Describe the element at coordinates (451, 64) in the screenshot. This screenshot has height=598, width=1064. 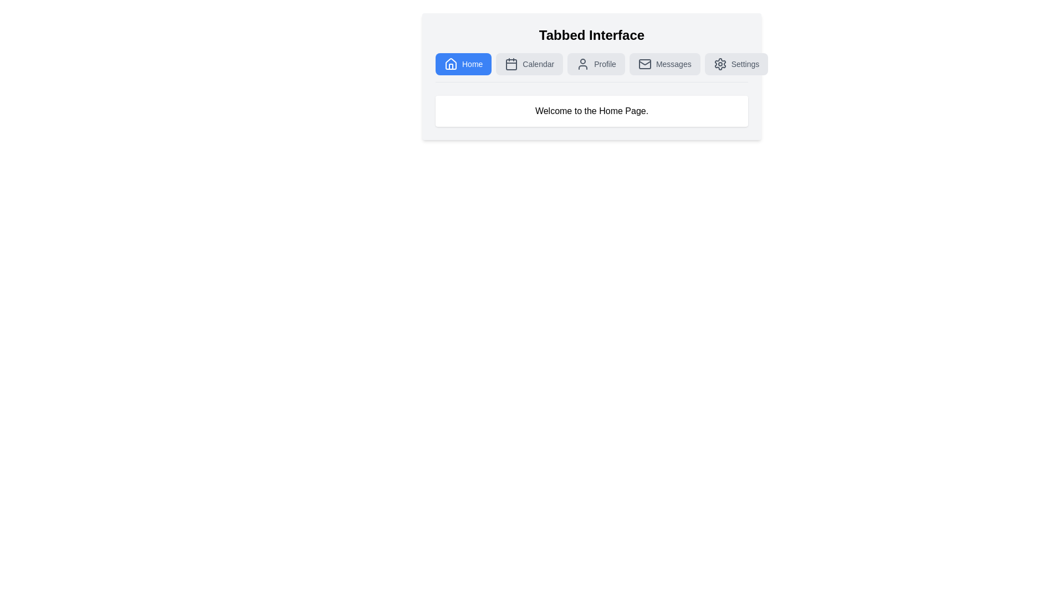
I see `the house-shaped SVG icon located within the 'Home' button in the navigation bar, positioned at the top-left corner of the interface` at that location.